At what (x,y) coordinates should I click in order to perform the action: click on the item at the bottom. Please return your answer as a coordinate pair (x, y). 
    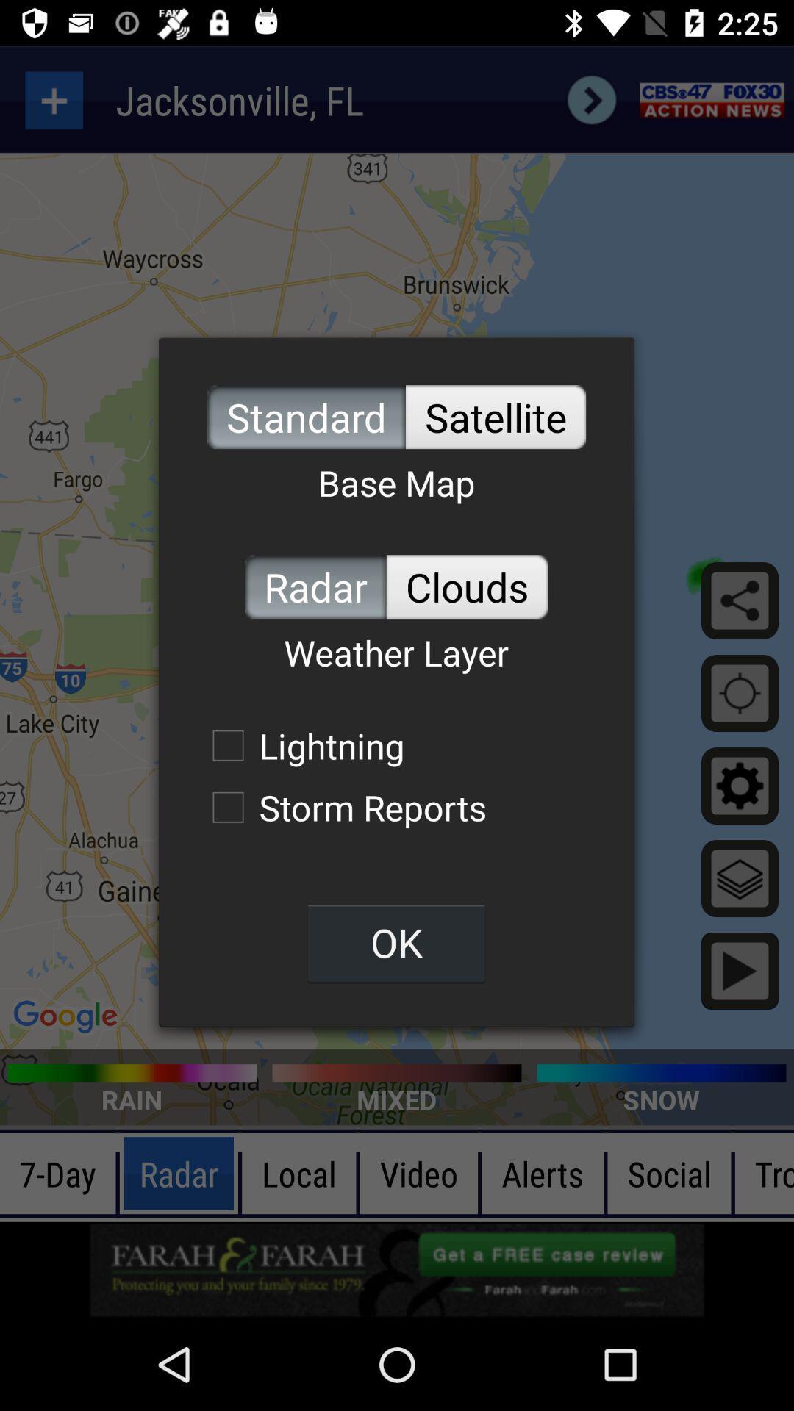
    Looking at the image, I should click on (396, 942).